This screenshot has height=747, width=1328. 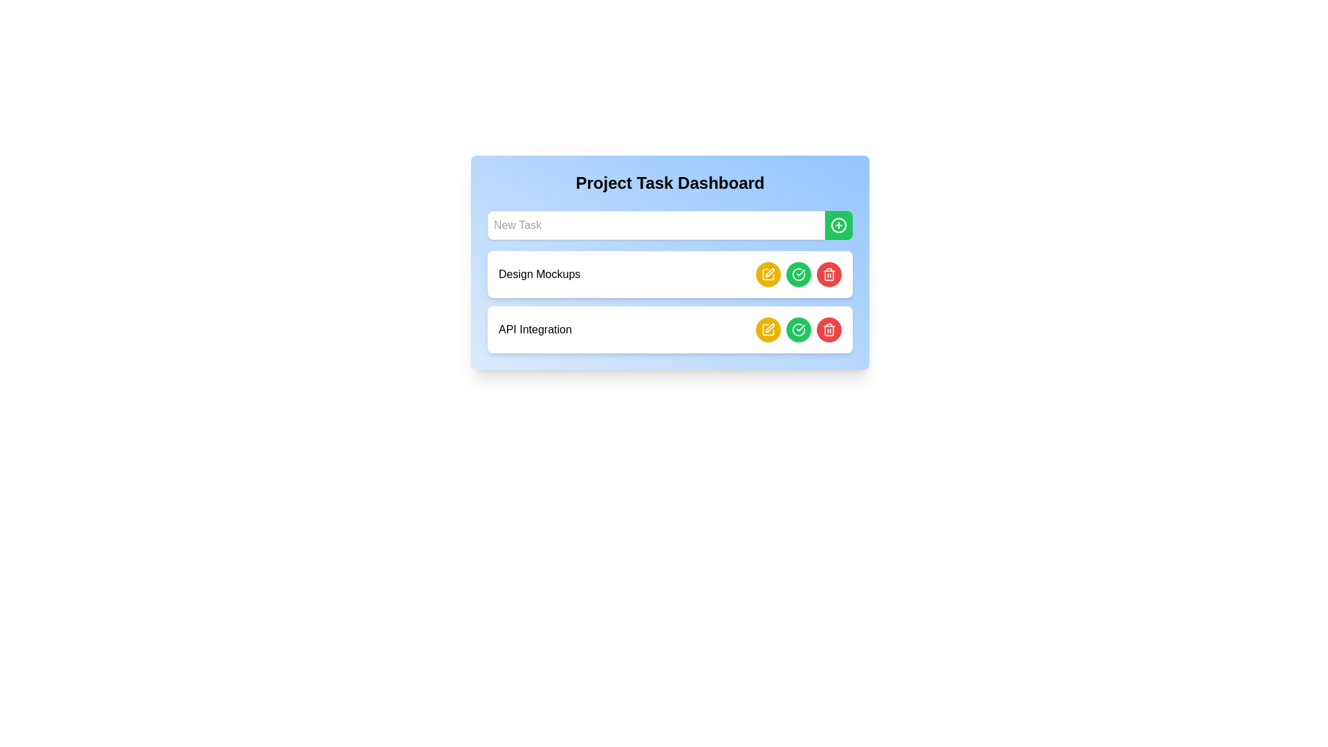 What do you see at coordinates (799, 330) in the screenshot?
I see `the circular green icon with a checkmark, which is located to the far right in the 'API Integration' row` at bounding box center [799, 330].